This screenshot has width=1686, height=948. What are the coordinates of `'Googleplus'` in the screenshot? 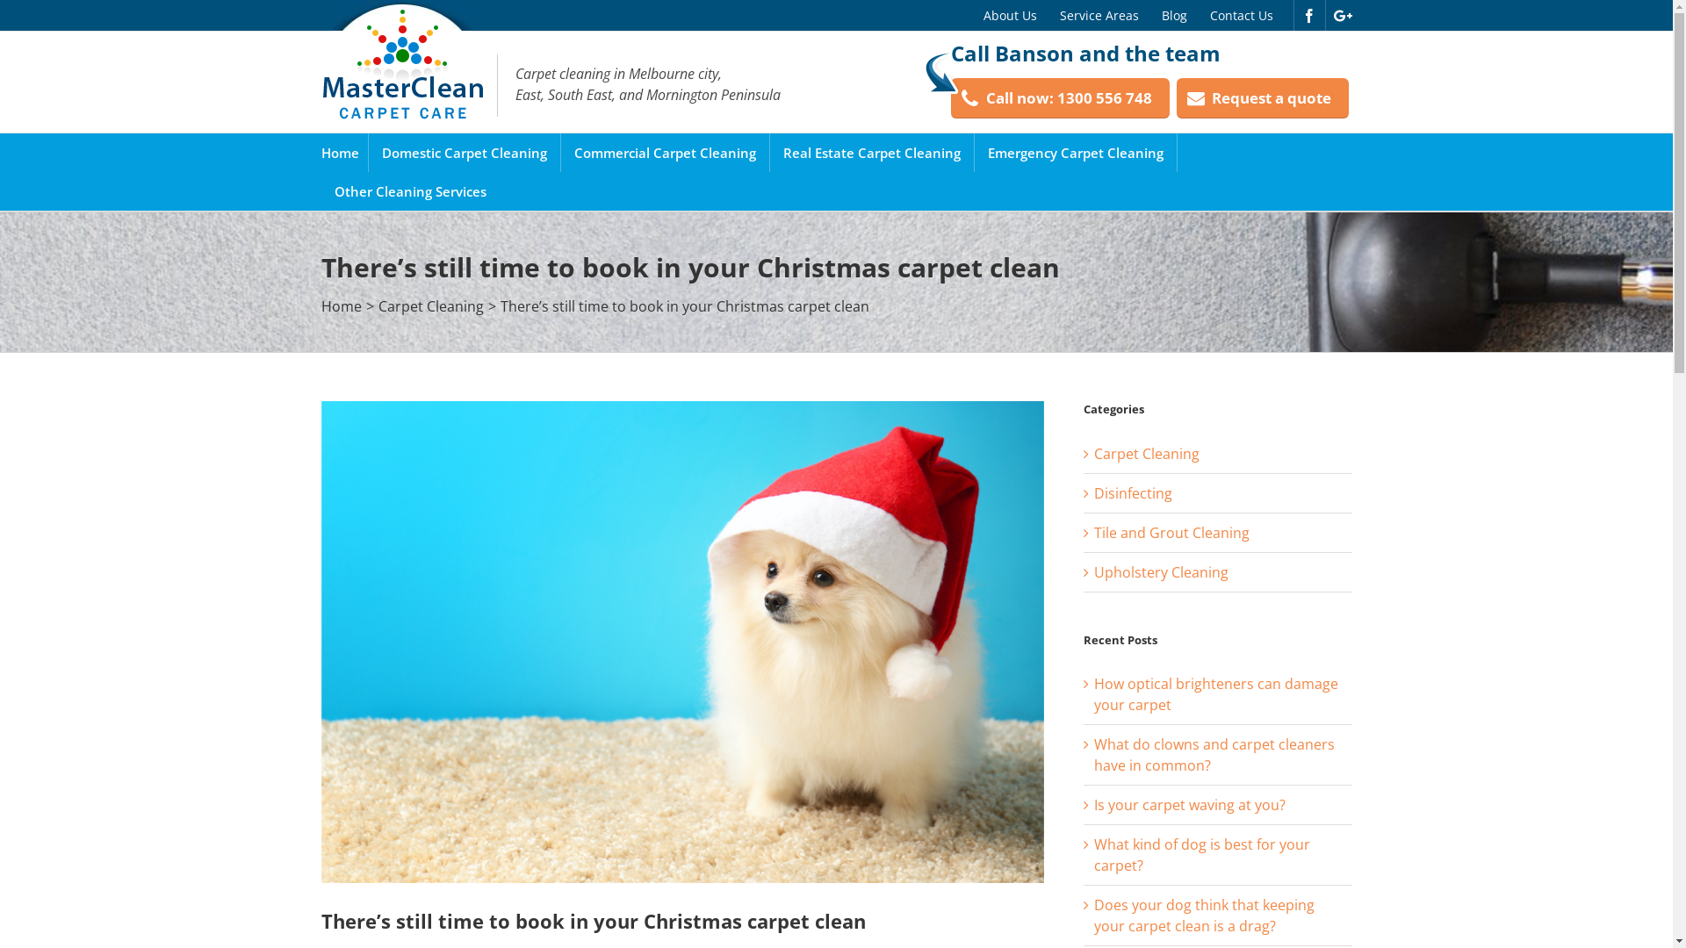 It's located at (1341, 16).